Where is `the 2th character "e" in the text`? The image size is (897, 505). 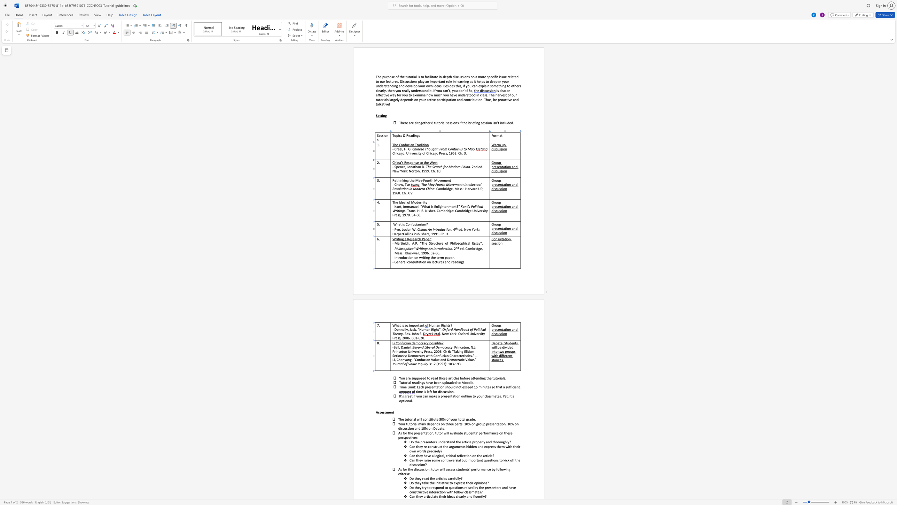 the 2th character "e" in the text is located at coordinates (430, 347).